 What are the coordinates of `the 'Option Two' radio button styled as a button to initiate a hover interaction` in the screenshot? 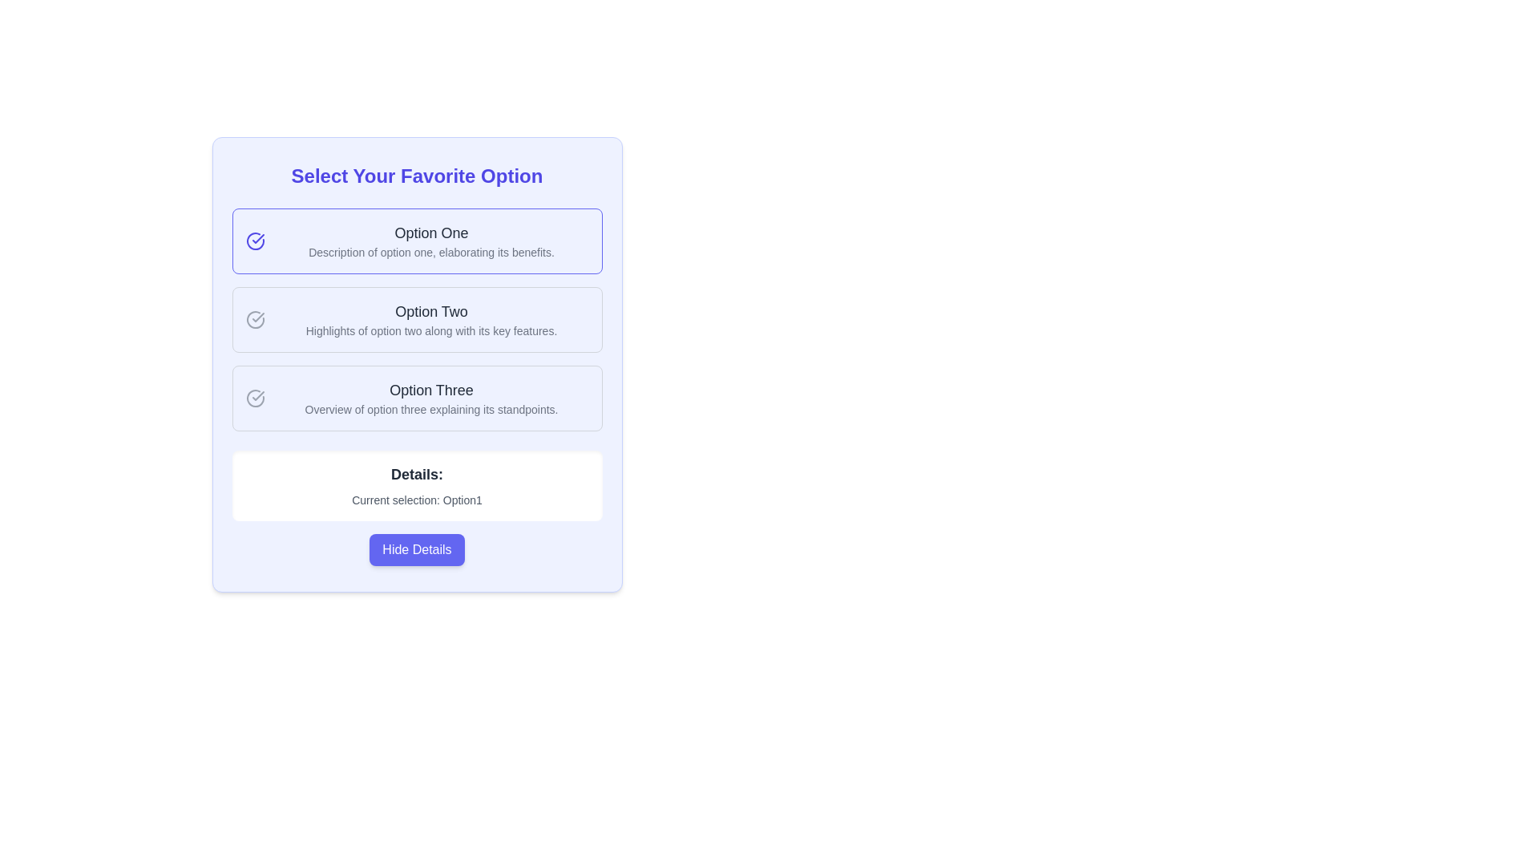 It's located at (417, 319).